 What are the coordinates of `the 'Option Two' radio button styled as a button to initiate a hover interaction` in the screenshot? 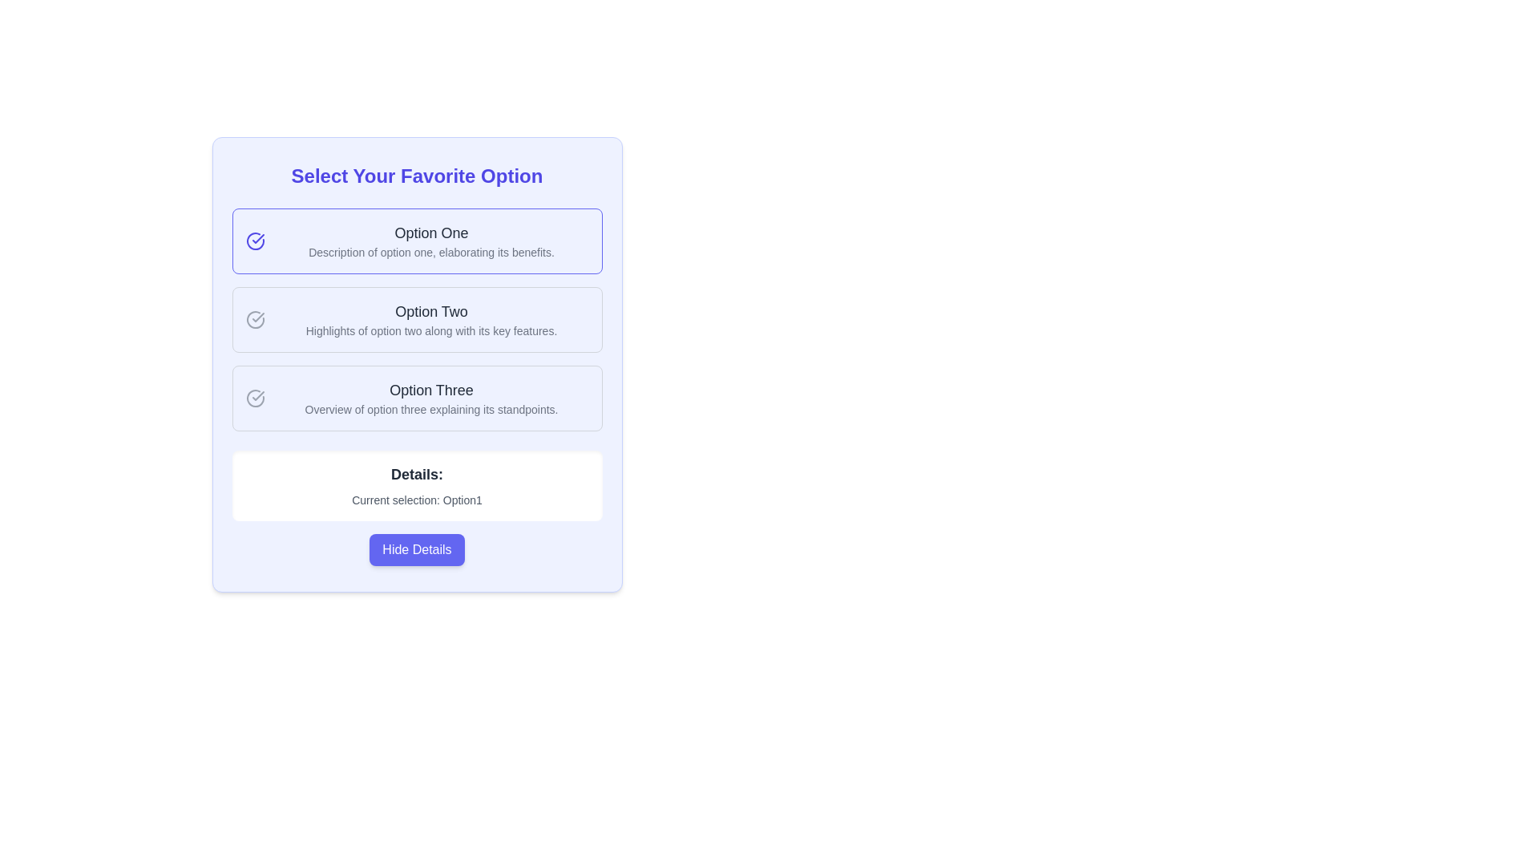 It's located at (417, 319).